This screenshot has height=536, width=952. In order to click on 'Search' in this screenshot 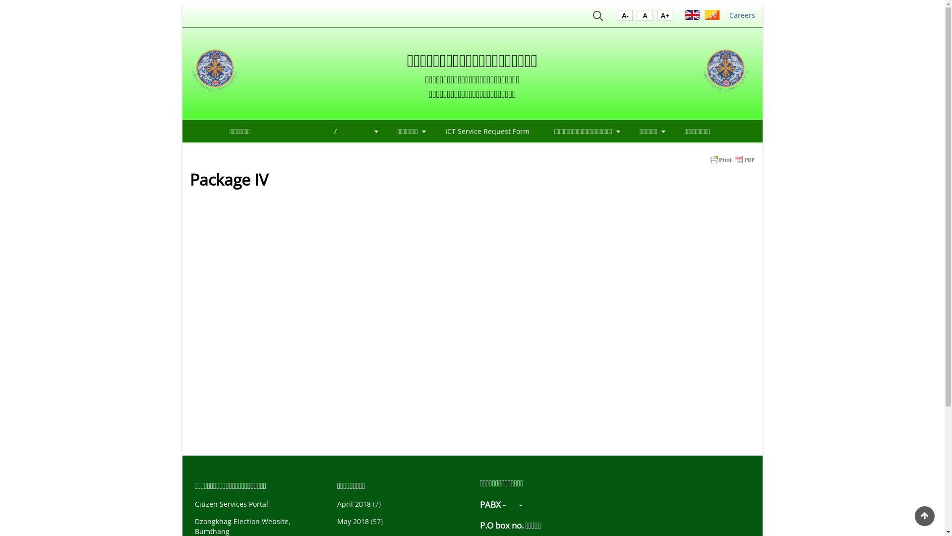, I will do `click(597, 17)`.